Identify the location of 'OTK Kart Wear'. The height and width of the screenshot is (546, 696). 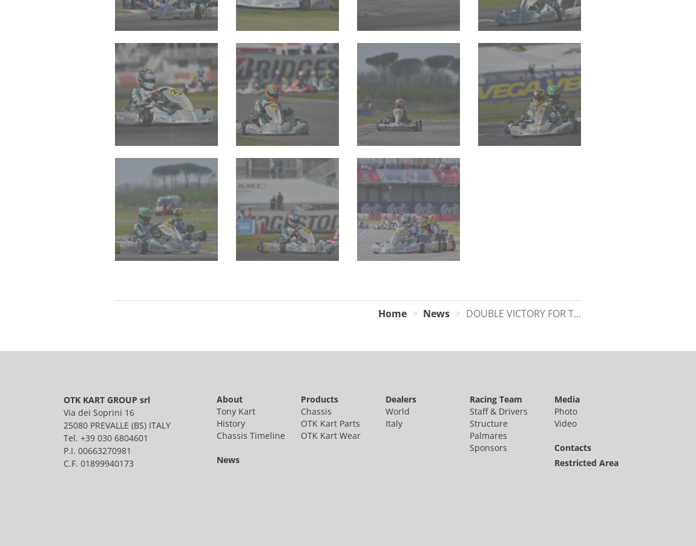
(330, 435).